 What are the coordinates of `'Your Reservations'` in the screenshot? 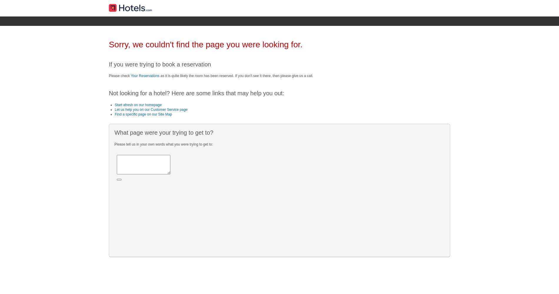 It's located at (145, 76).